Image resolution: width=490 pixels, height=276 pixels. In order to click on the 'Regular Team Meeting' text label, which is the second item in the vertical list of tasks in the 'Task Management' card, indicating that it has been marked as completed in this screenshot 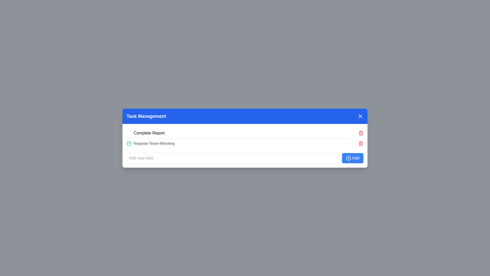, I will do `click(154, 143)`.